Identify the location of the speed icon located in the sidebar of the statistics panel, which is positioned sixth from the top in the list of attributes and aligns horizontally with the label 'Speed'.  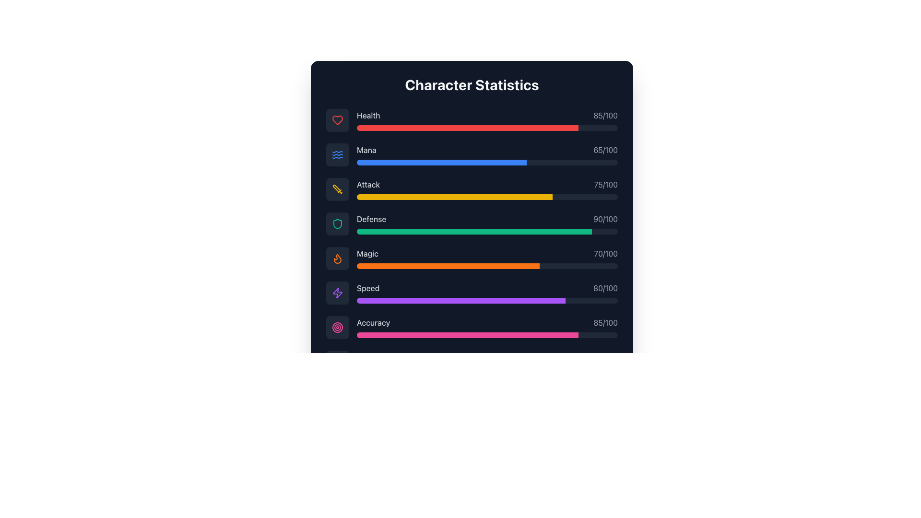
(338, 292).